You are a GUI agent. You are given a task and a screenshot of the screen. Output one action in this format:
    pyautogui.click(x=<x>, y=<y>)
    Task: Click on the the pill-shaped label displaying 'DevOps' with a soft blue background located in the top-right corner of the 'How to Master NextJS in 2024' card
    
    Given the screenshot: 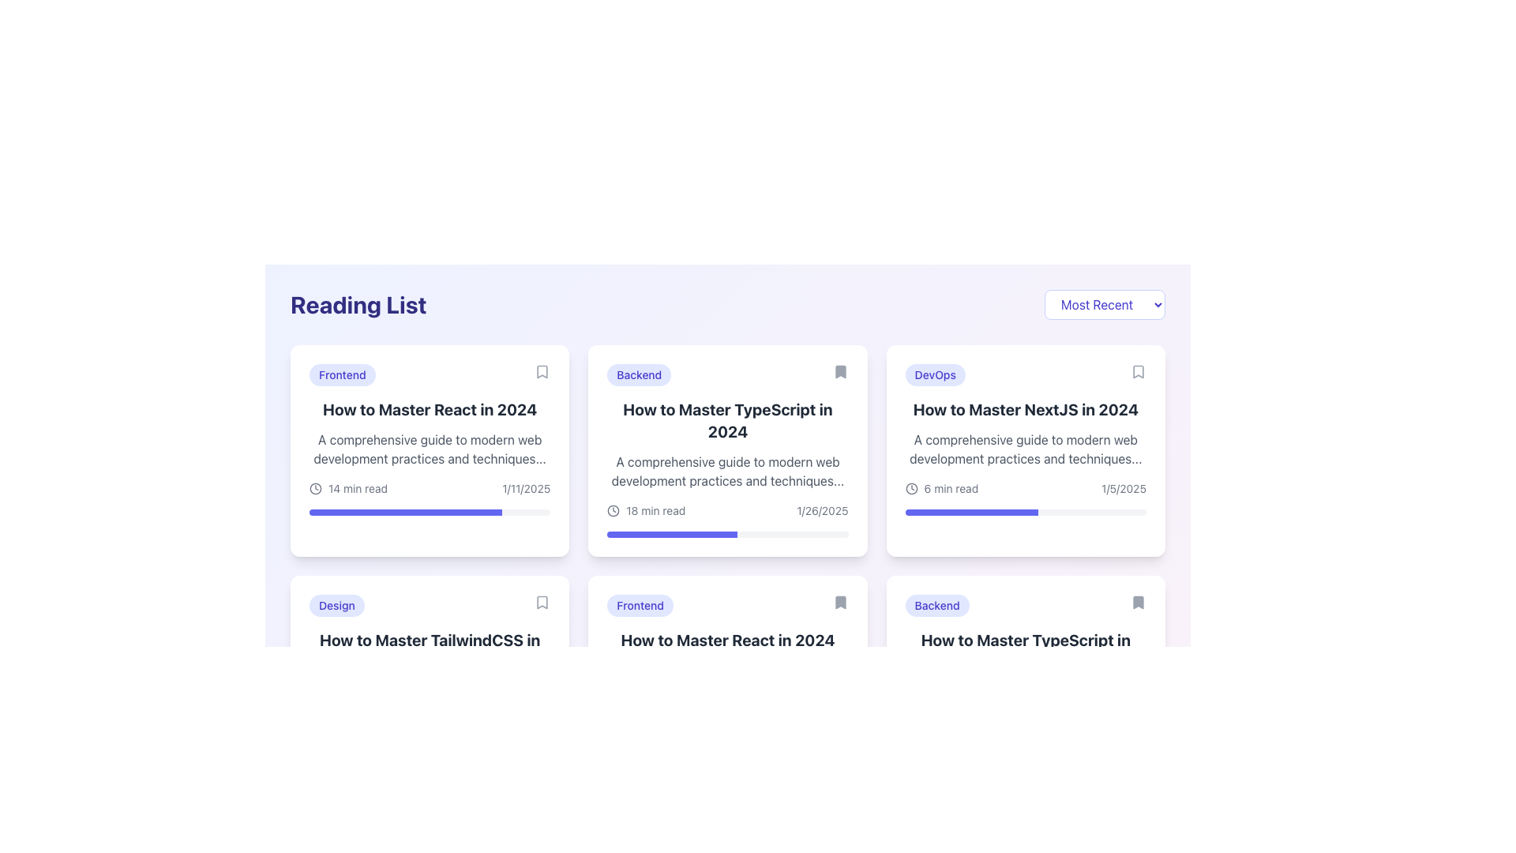 What is the action you would take?
    pyautogui.click(x=935, y=374)
    